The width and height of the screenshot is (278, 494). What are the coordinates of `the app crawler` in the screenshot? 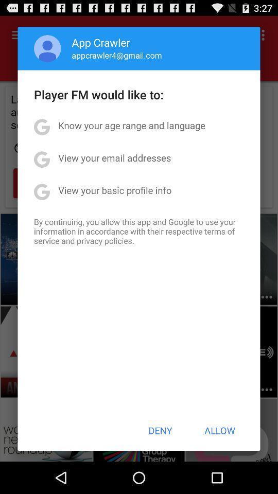 It's located at (101, 42).